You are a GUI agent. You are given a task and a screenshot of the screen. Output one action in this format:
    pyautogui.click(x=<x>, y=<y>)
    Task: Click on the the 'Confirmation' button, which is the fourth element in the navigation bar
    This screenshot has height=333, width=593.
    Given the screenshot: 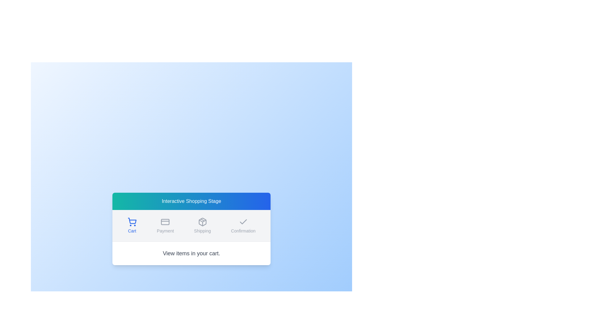 What is the action you would take?
    pyautogui.click(x=243, y=225)
    